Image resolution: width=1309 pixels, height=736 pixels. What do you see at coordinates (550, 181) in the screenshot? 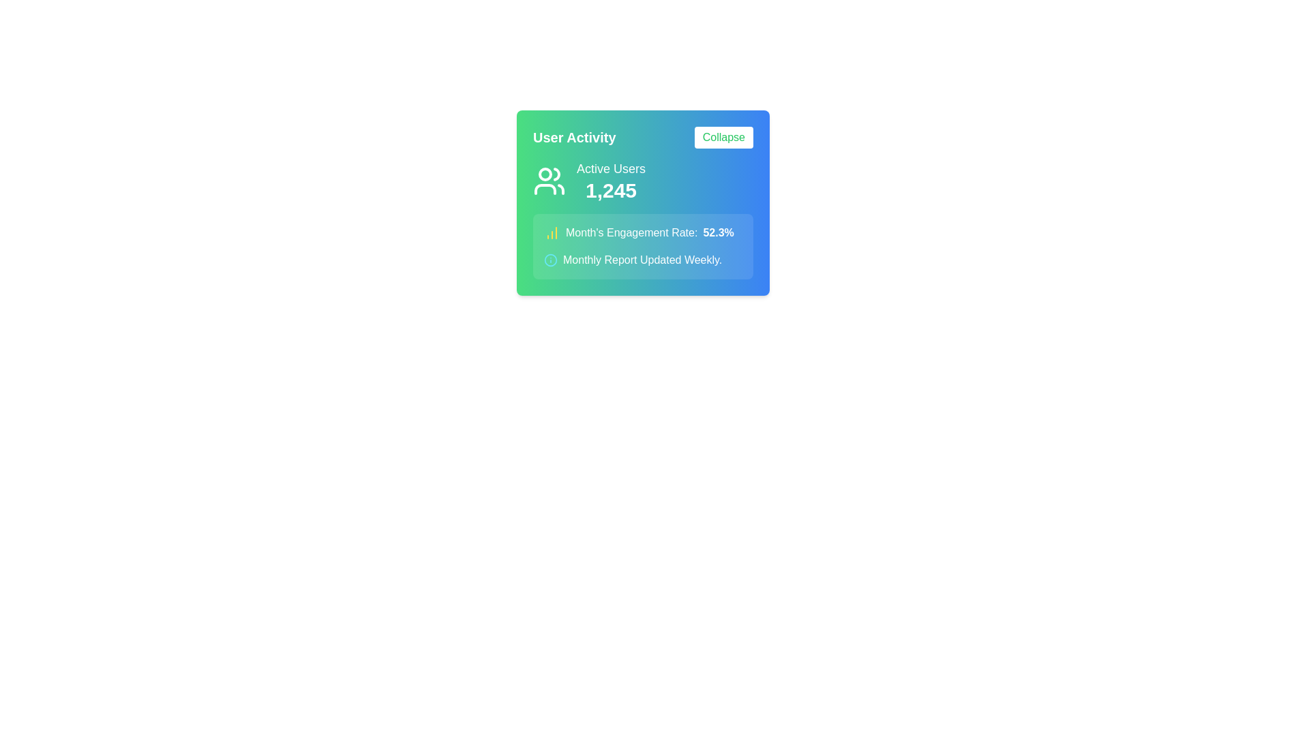
I see `the icon styled as an outline of a group of people, which is white and located against a green gradient background, positioned in the 'User Activity' card to the left of the 'Active Users' text` at bounding box center [550, 181].